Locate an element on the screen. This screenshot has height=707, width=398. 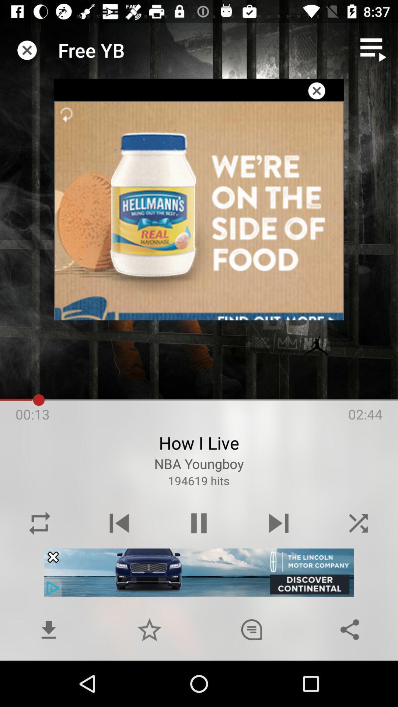
the share icon is located at coordinates (349, 629).